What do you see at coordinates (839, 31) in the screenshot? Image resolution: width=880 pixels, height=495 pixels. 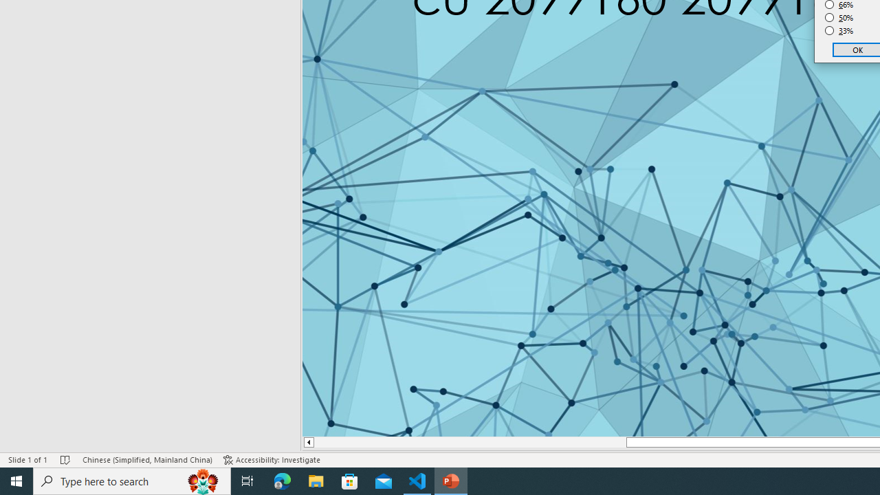 I see `'33%'` at bounding box center [839, 31].